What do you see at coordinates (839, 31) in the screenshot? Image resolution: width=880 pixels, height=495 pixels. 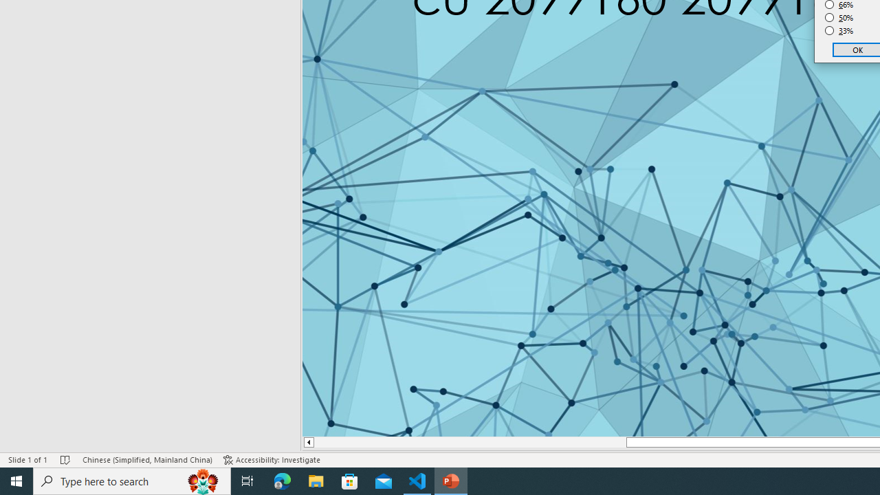 I see `'33%'` at bounding box center [839, 31].